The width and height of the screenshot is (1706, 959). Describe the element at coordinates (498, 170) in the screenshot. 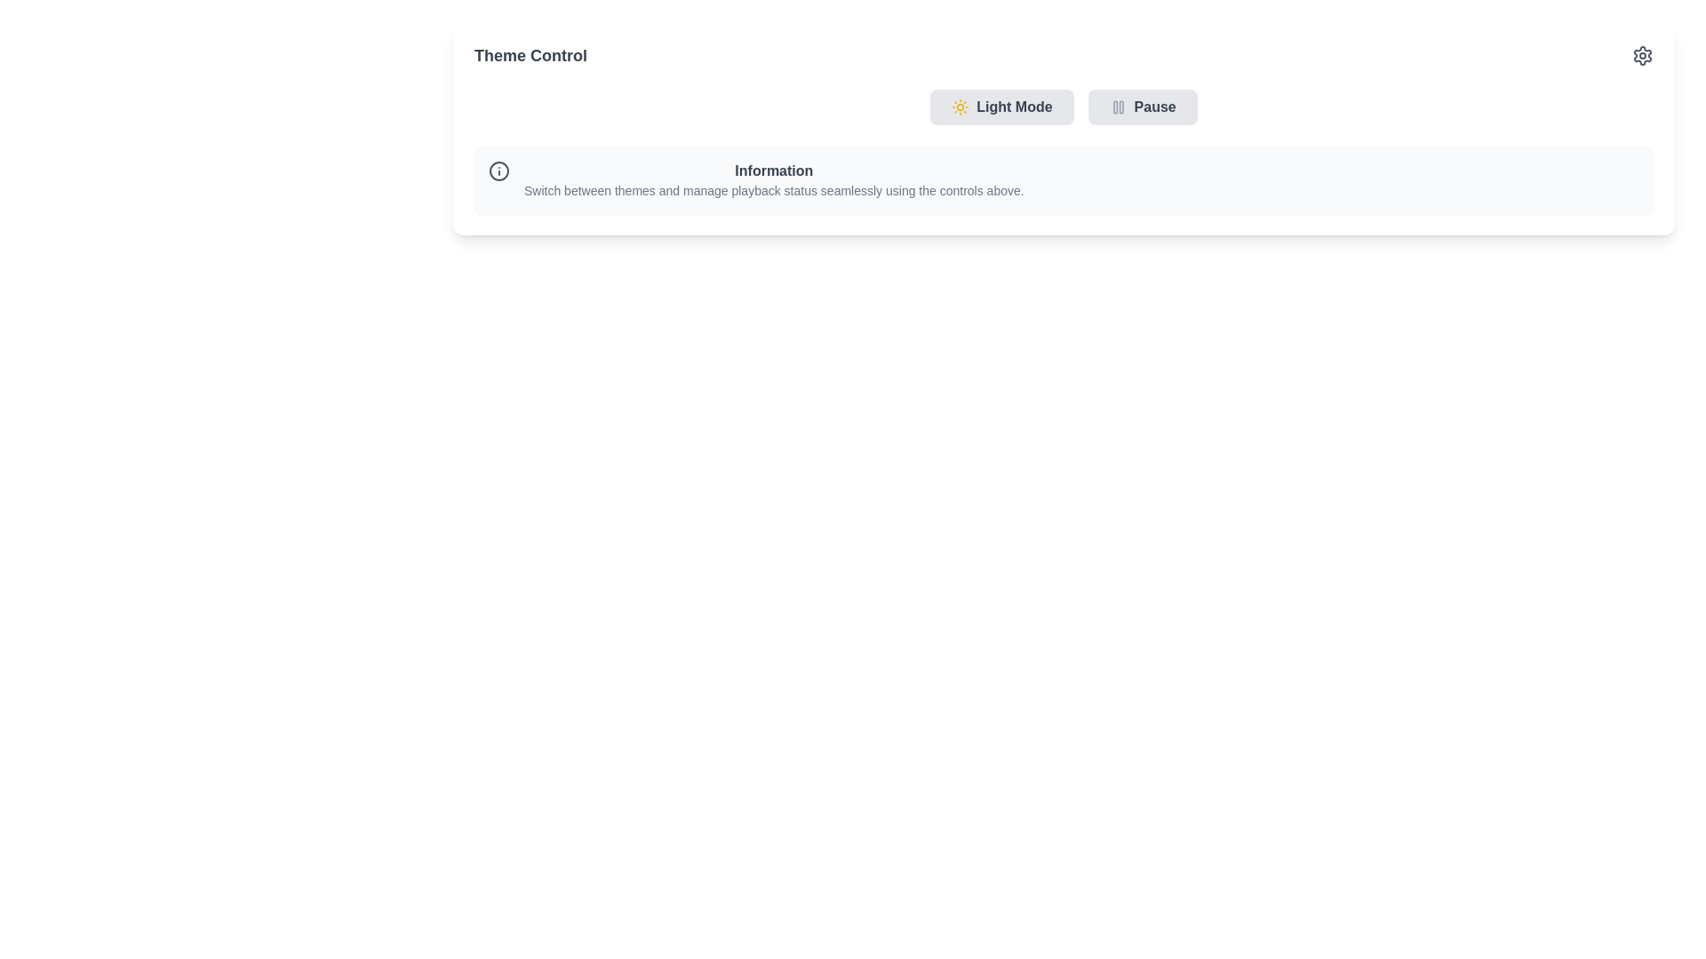

I see `the icon located to the far left of the panel titled 'Information', which signifies that the related section contains informational content for the user` at that location.